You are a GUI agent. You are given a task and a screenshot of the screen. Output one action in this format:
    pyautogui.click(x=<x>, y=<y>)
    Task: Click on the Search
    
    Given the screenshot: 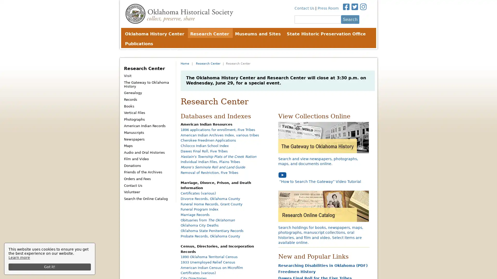 What is the action you would take?
    pyautogui.click(x=350, y=19)
    